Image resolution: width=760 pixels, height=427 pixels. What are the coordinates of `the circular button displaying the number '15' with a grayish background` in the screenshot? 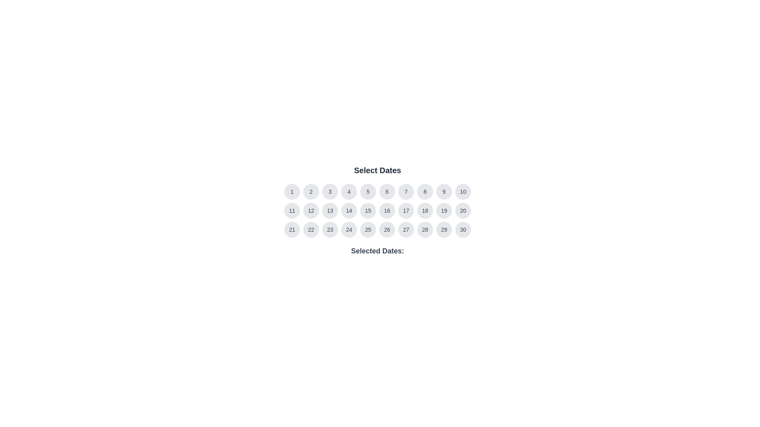 It's located at (368, 210).